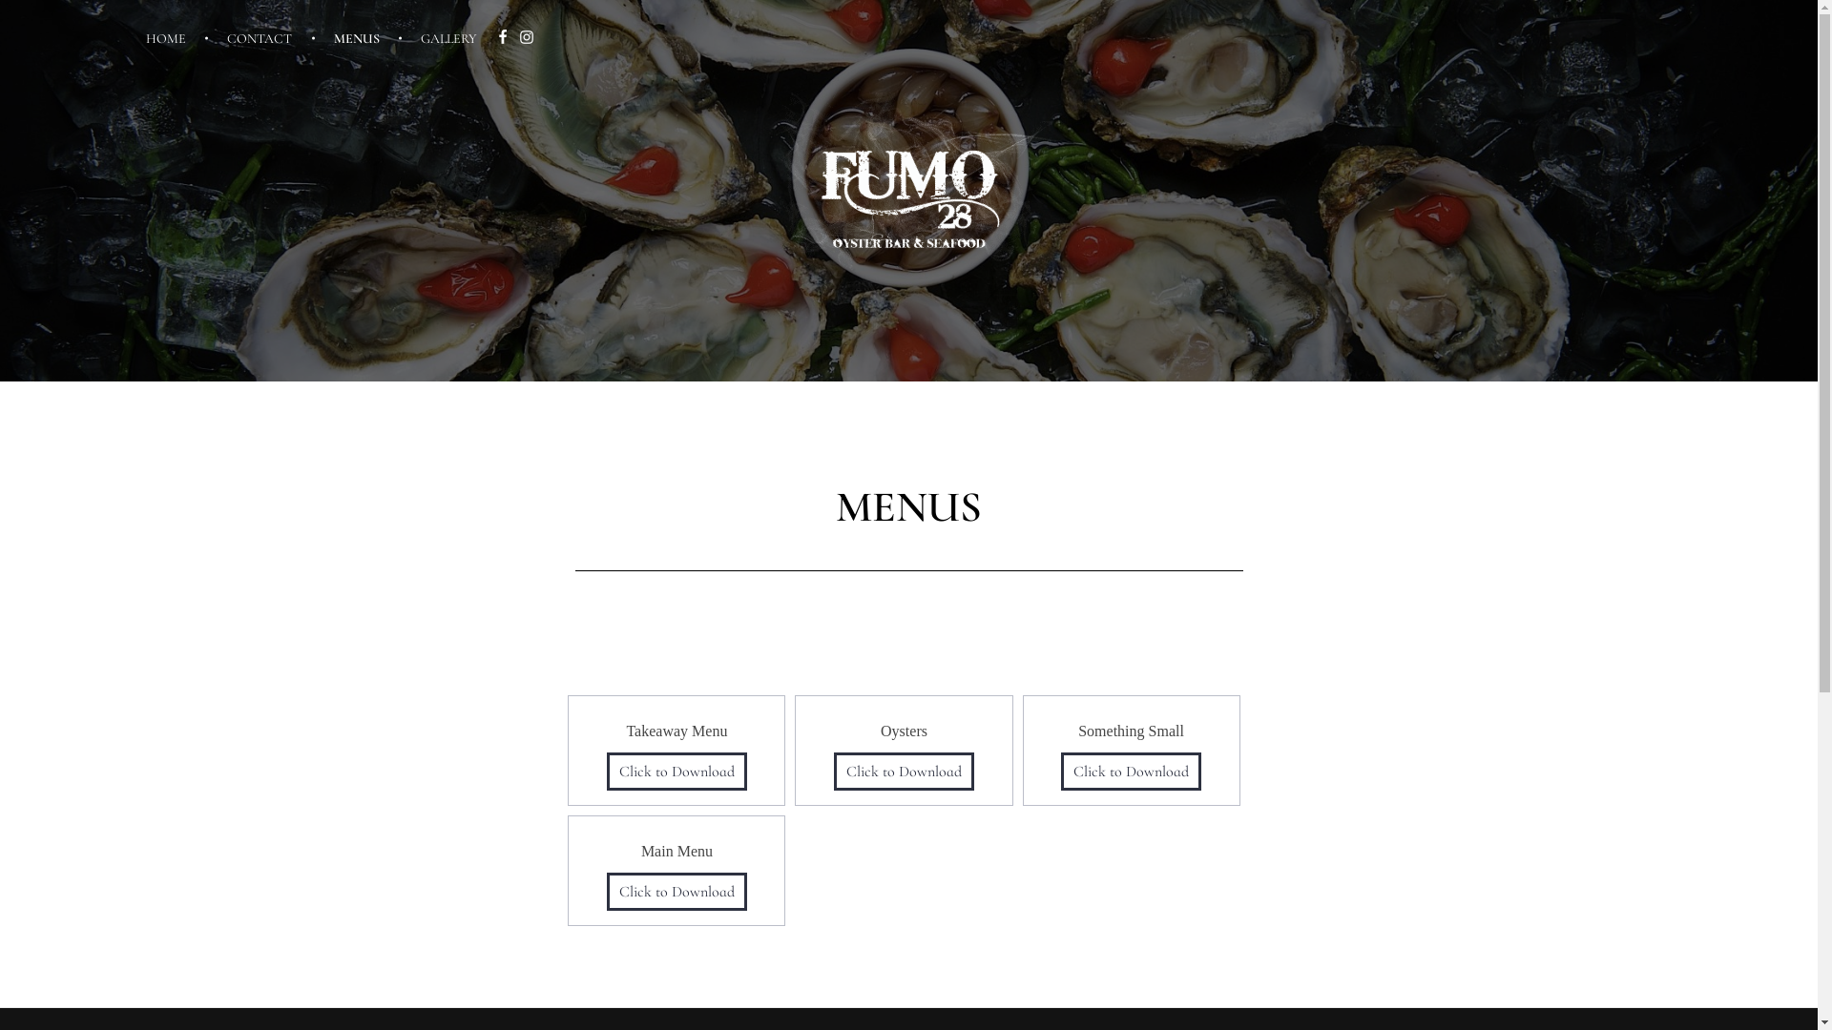  Describe the element at coordinates (177, 37) in the screenshot. I see `'HOME'` at that location.